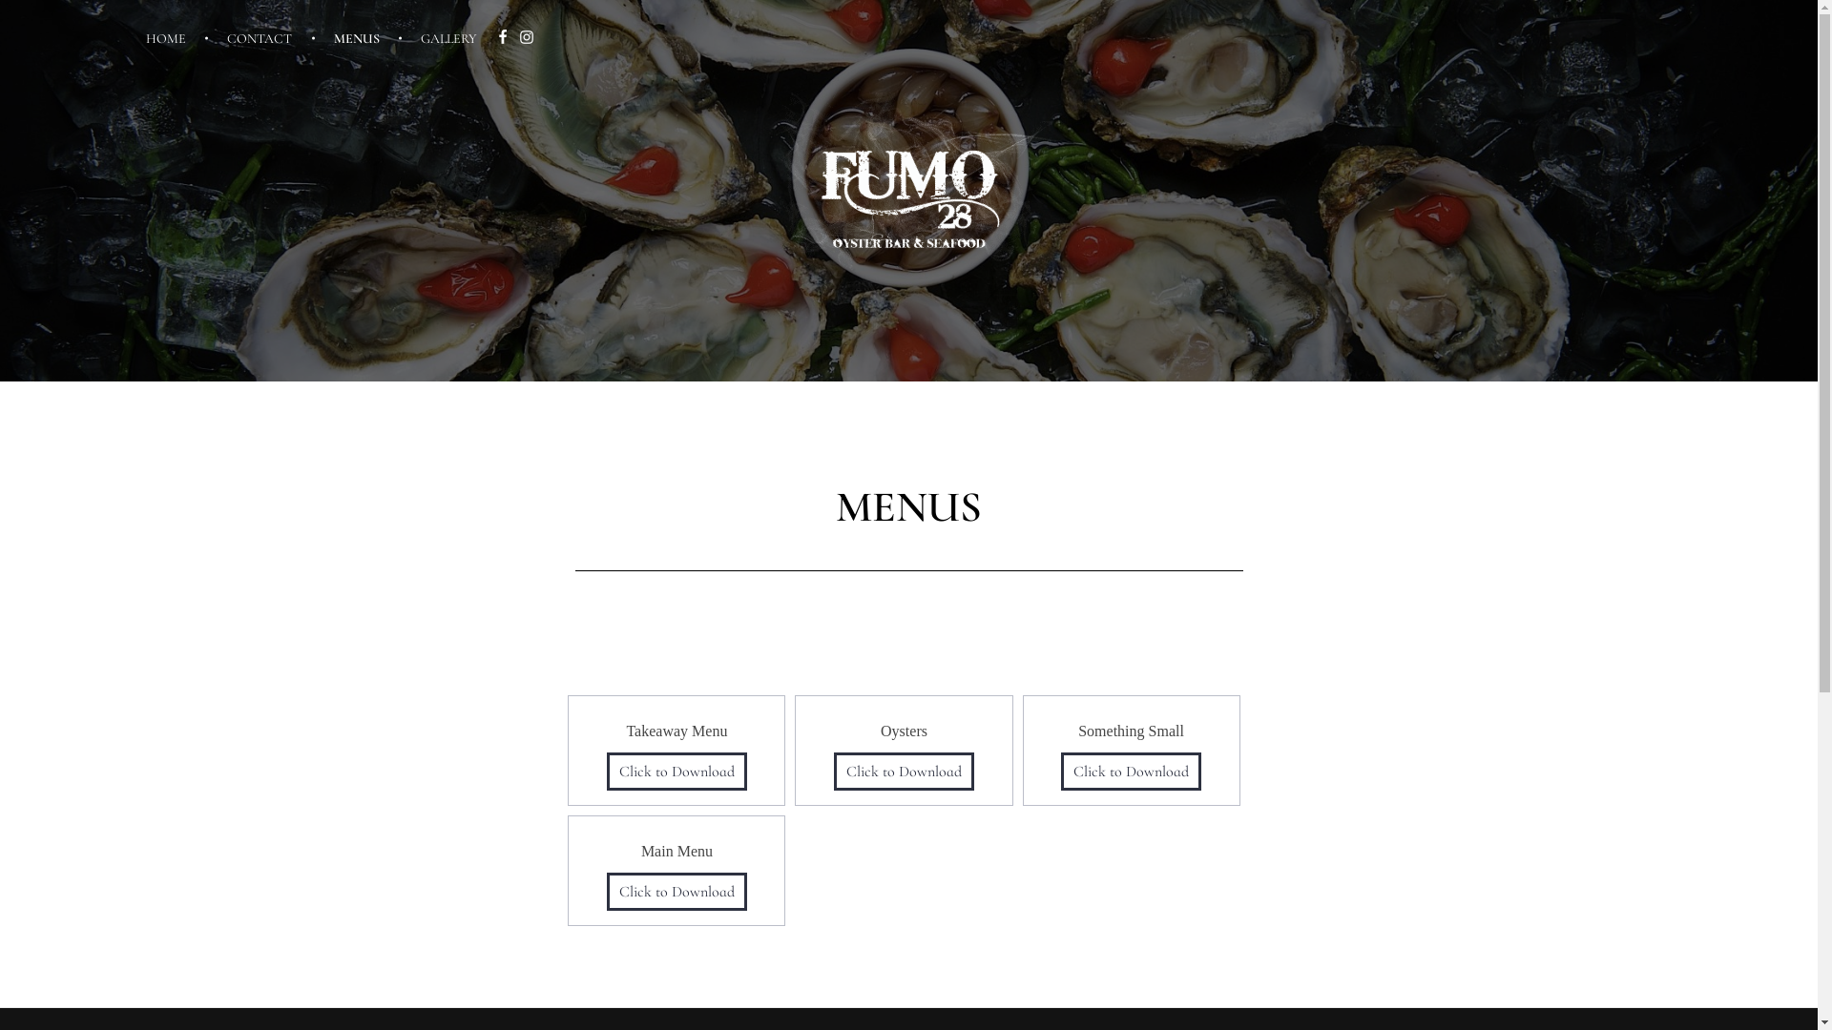  Describe the element at coordinates (177, 37) in the screenshot. I see `'HOME'` at that location.